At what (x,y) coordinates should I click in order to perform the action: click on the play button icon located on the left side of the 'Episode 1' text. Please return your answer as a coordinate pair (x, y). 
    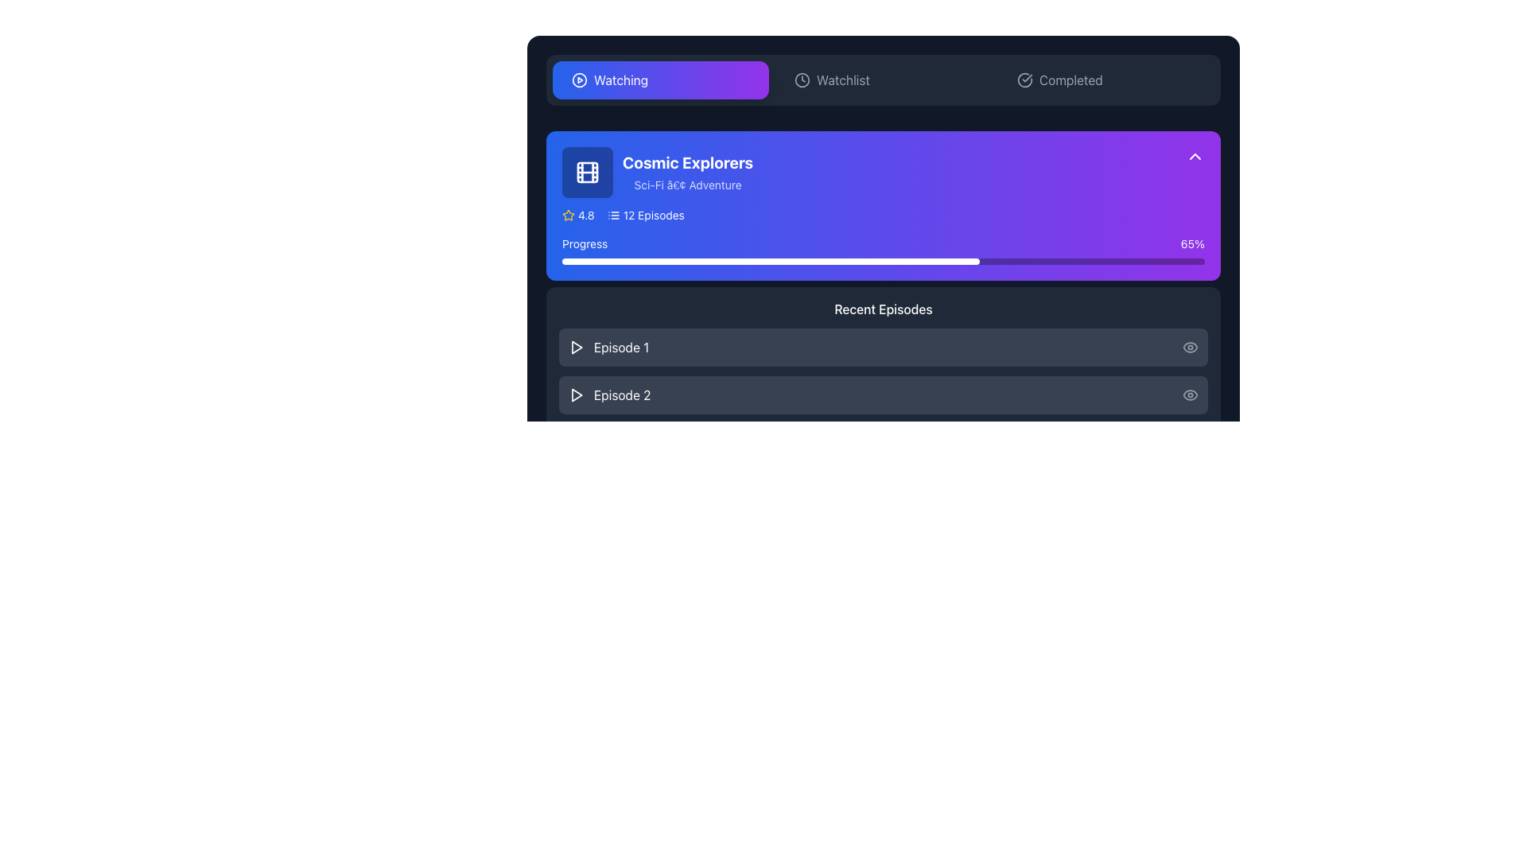
    Looking at the image, I should click on (575, 346).